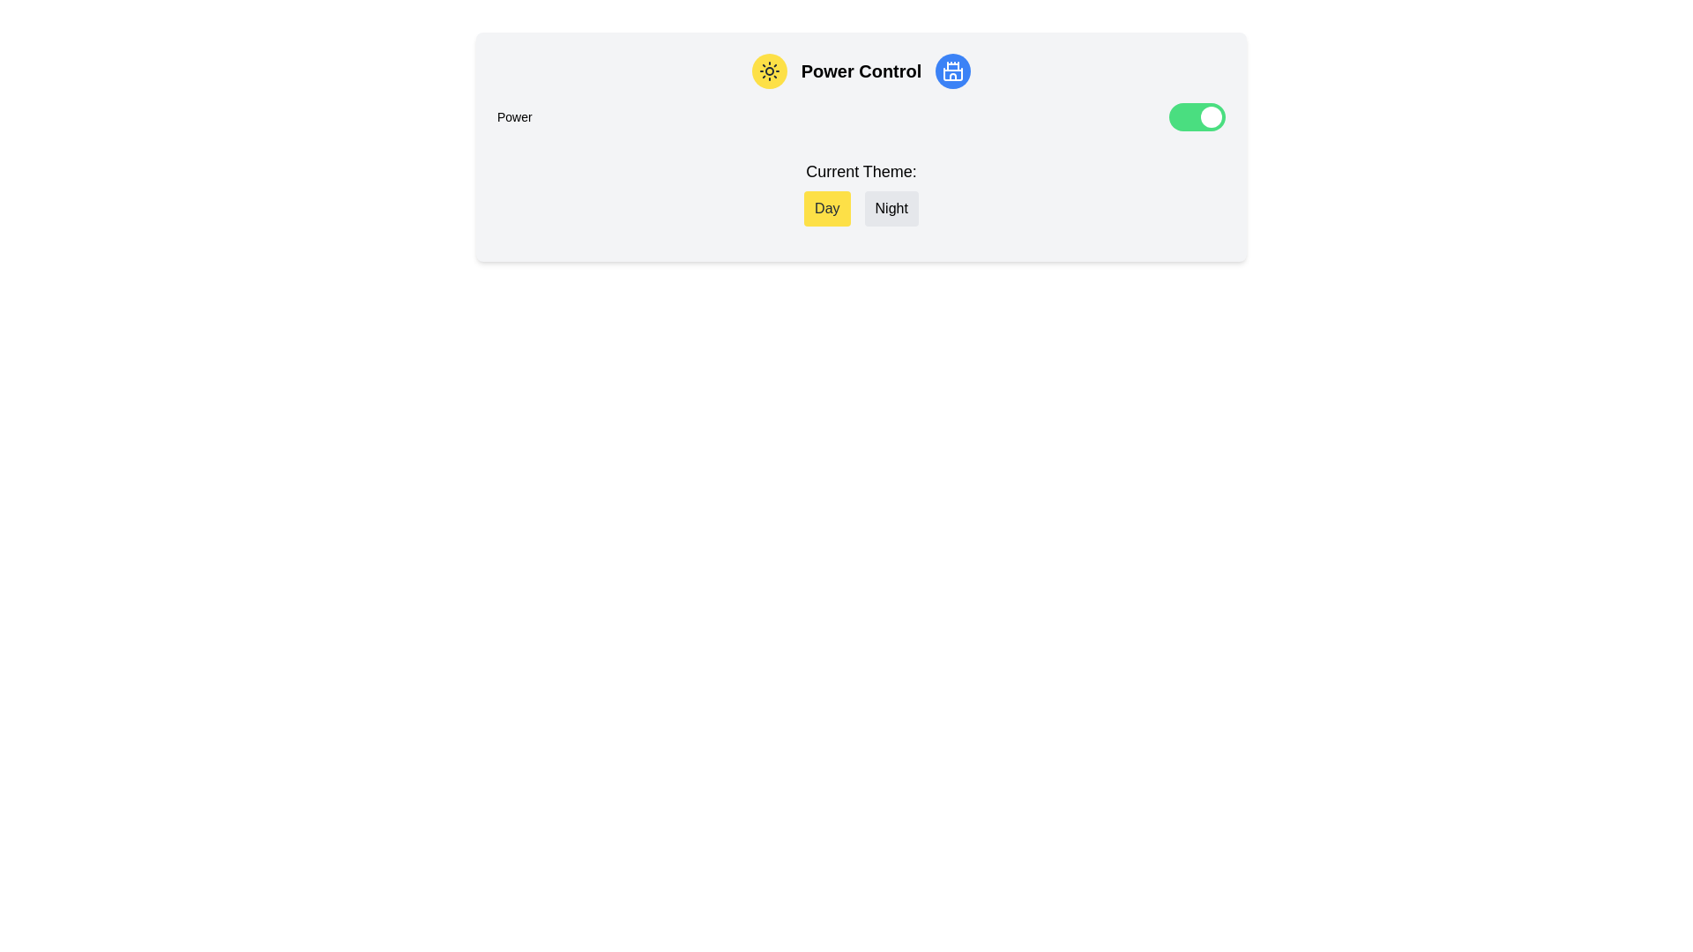 This screenshot has width=1693, height=952. What do you see at coordinates (1197, 116) in the screenshot?
I see `the toggle switch labeled 'Power' located` at bounding box center [1197, 116].